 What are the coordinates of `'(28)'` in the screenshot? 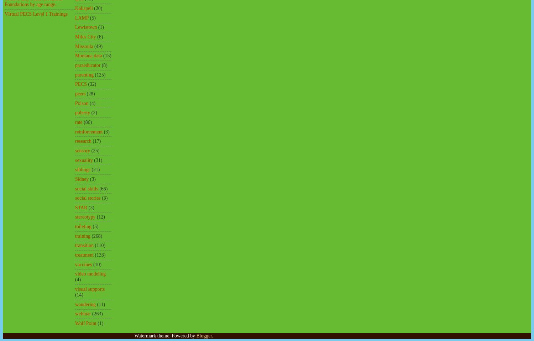 It's located at (90, 93).